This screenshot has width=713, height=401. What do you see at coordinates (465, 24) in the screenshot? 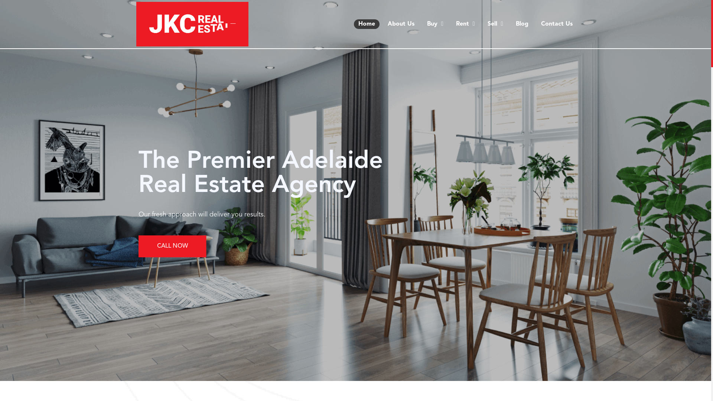
I see `'Rent'` at bounding box center [465, 24].